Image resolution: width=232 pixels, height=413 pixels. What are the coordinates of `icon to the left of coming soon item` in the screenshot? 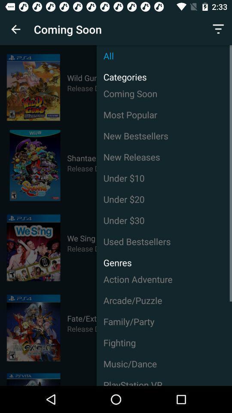 It's located at (15, 29).